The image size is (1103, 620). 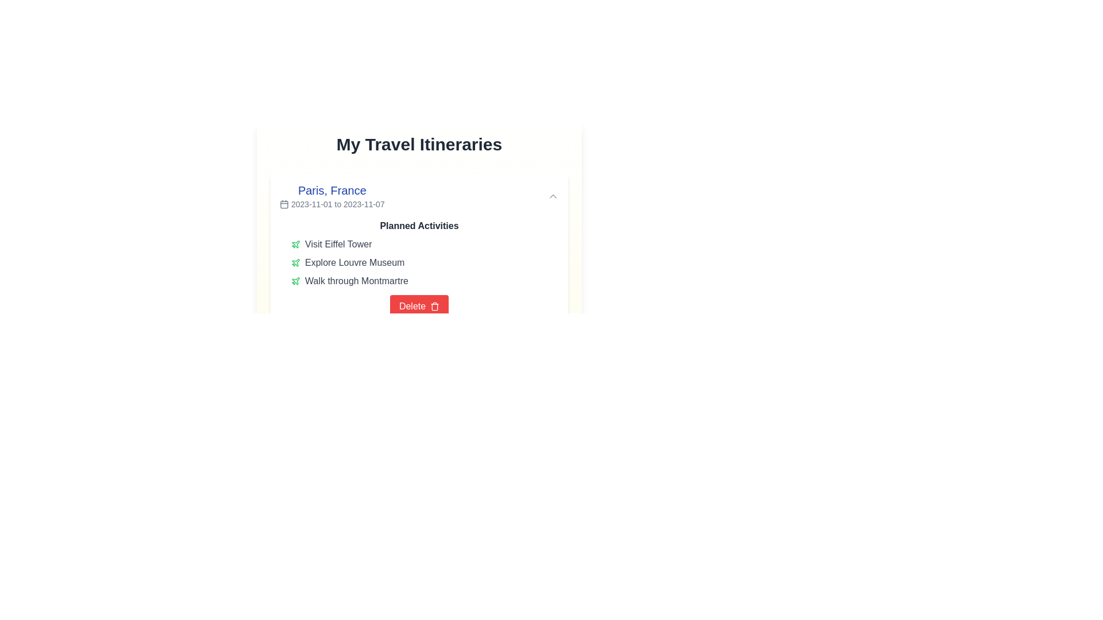 What do you see at coordinates (331, 196) in the screenshot?
I see `the Text component displaying 'Paris, France 2023-11-01 to 2023-11-07' located under 'My Travel Itineraries' by clicking on it to interact with surrounding elements` at bounding box center [331, 196].